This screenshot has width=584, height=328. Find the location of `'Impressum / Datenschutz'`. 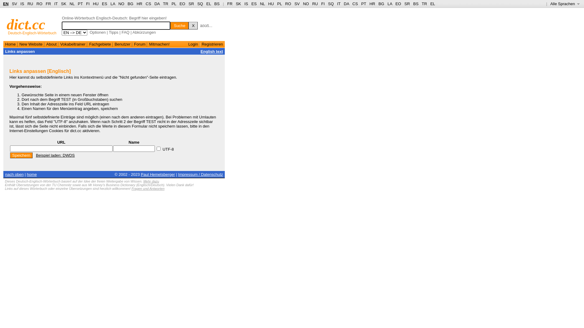

'Impressum / Datenschutz' is located at coordinates (200, 174).